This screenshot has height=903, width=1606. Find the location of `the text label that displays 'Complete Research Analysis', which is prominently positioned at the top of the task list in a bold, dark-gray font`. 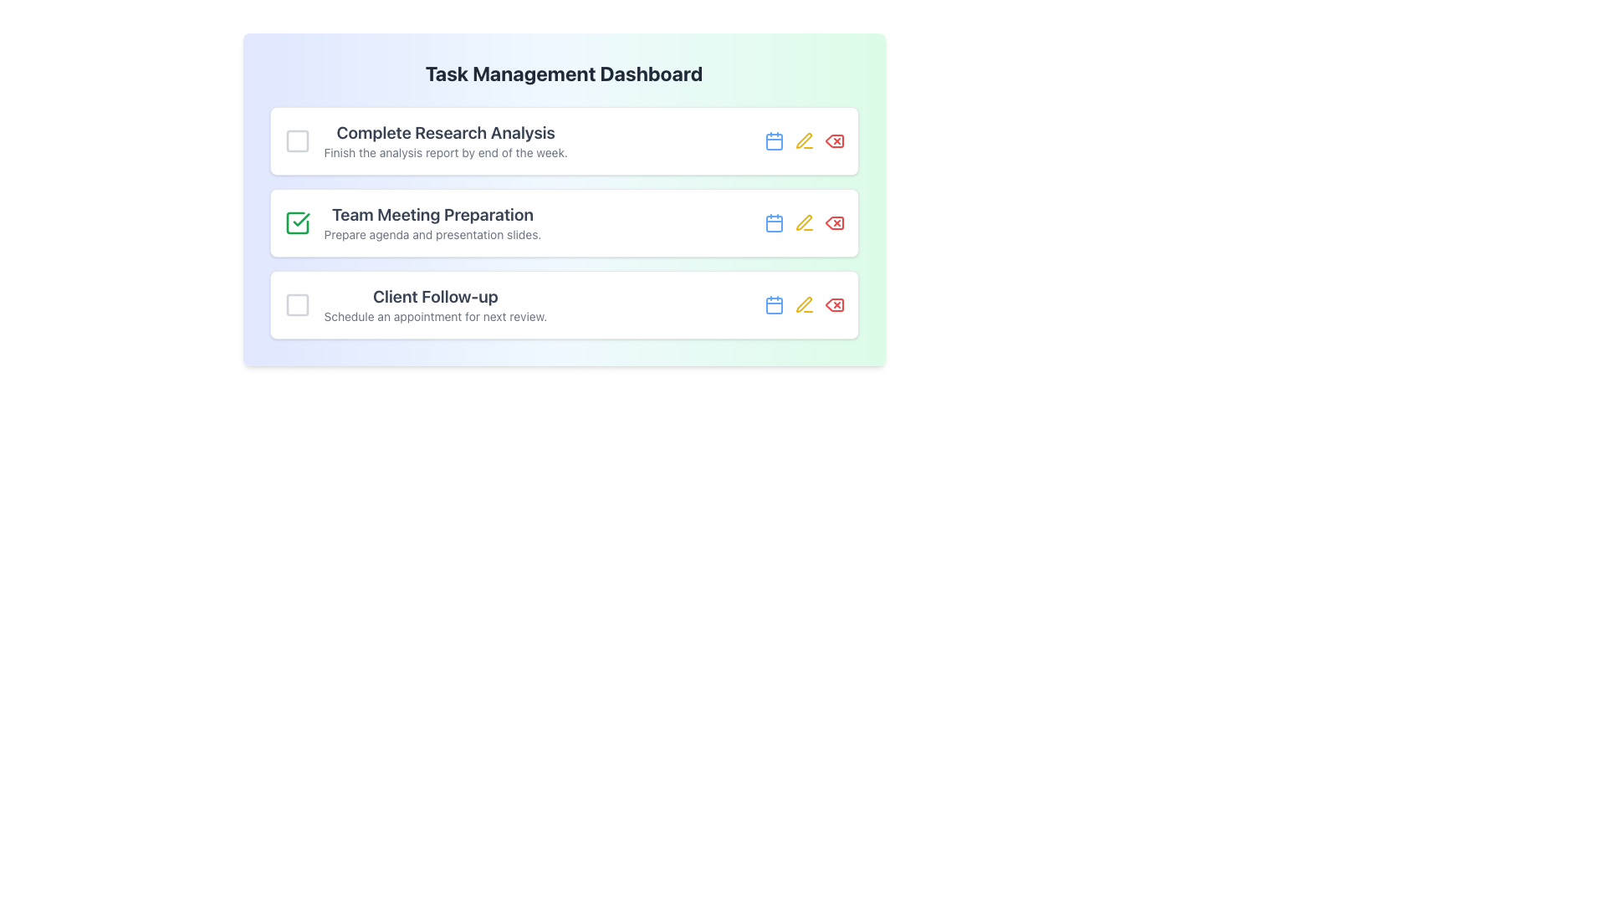

the text label that displays 'Complete Research Analysis', which is prominently positioned at the top of the task list in a bold, dark-gray font is located at coordinates (446, 131).